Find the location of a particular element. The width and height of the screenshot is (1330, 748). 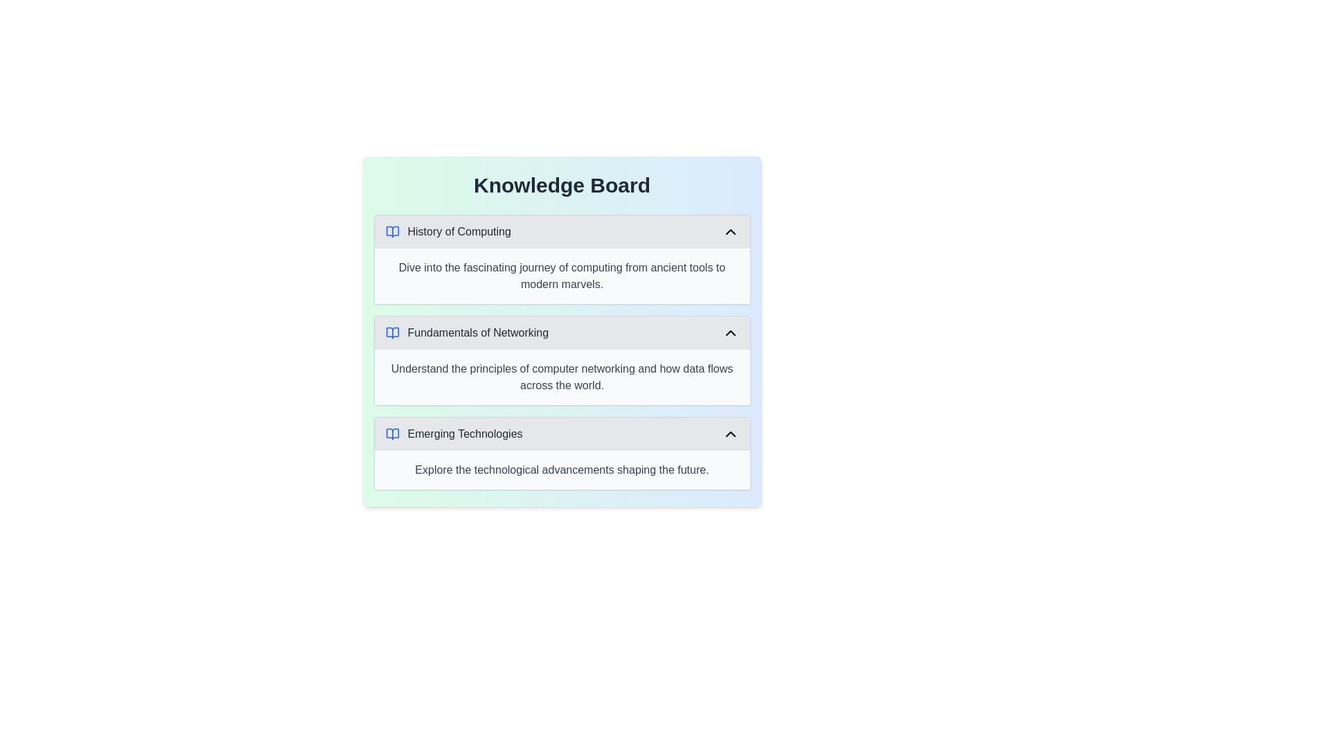

the Chevron Up icon located on the right side of the 'Emerging Technologies' header is located at coordinates (729, 434).